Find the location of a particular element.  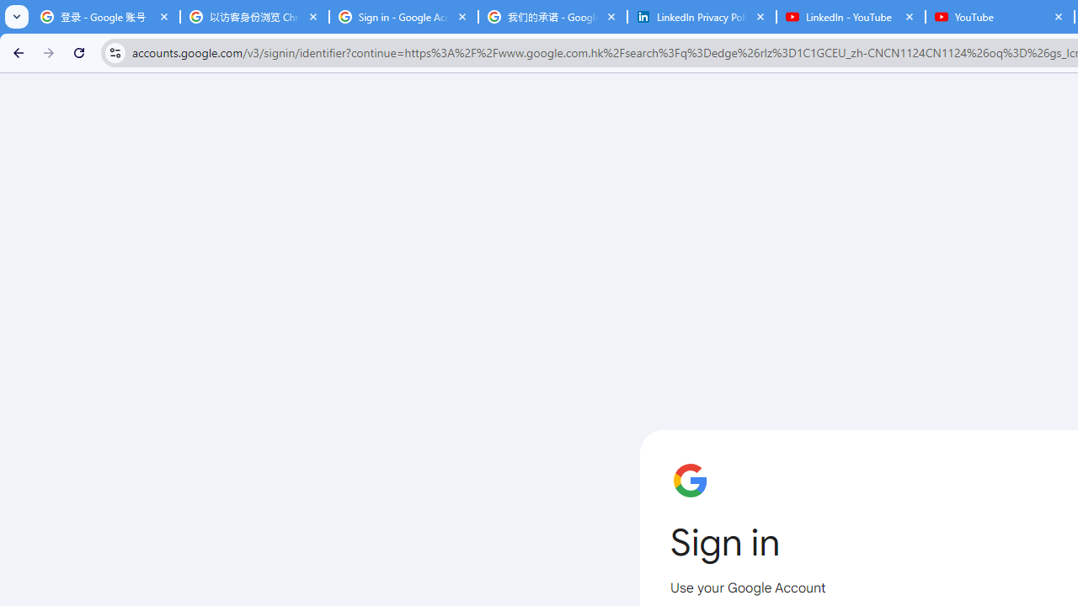

'LinkedIn Privacy Policy' is located at coordinates (702, 17).